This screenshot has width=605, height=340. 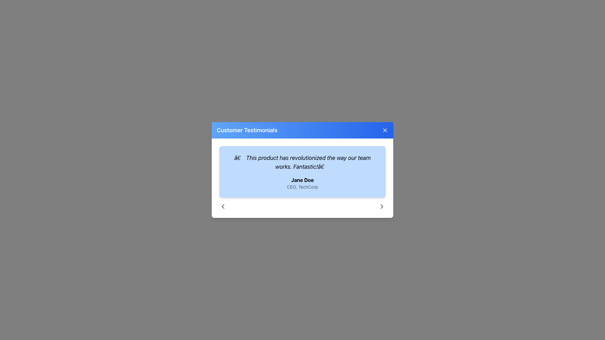 What do you see at coordinates (385, 130) in the screenshot?
I see `the close button located in the top-right corner of the 'Customer Testimonials' modal window to trigger hover effects` at bounding box center [385, 130].